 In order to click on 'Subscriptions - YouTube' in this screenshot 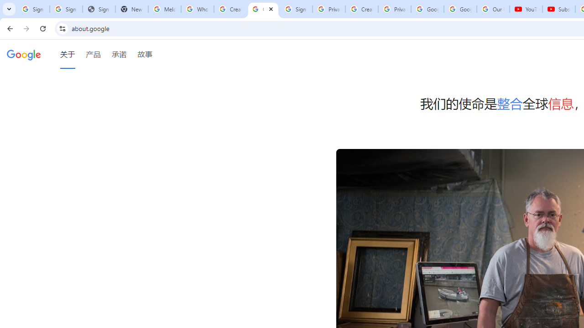, I will do `click(558, 9)`.